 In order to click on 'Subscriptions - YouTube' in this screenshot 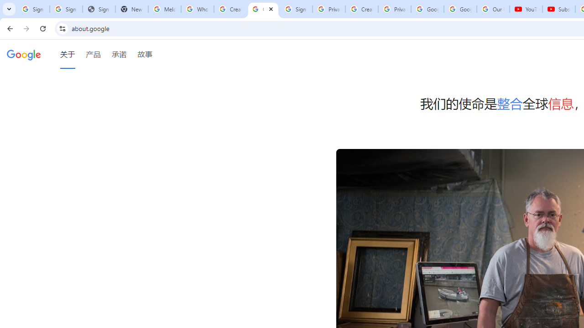, I will do `click(558, 9)`.